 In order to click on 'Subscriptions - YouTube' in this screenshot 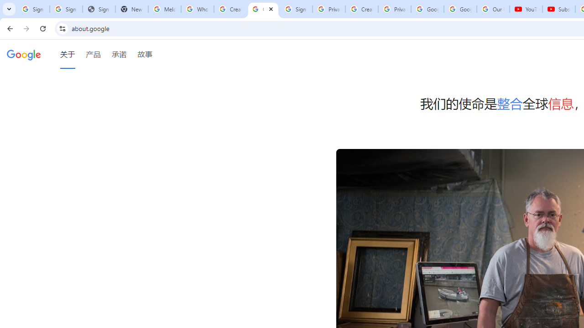, I will do `click(558, 9)`.